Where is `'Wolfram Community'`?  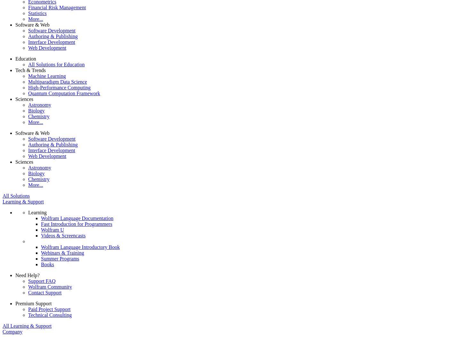 'Wolfram Community' is located at coordinates (28, 286).